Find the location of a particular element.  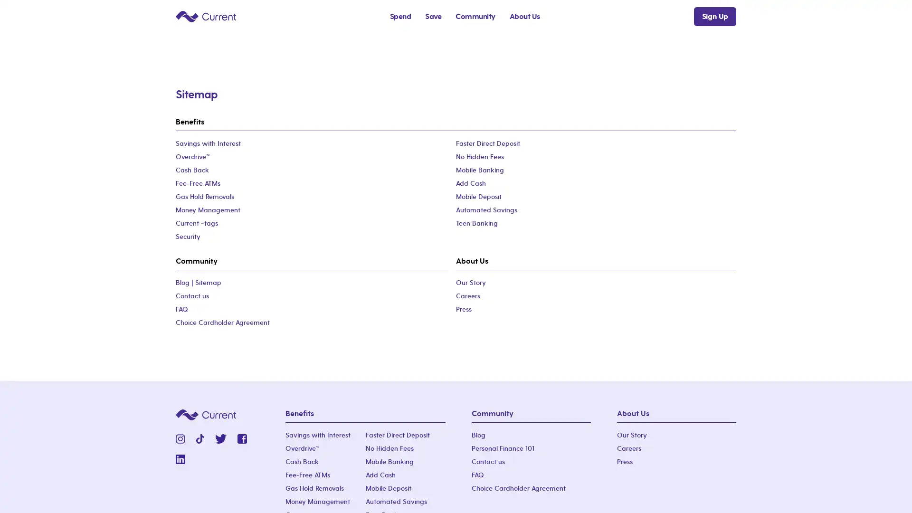

Careers is located at coordinates (629, 449).